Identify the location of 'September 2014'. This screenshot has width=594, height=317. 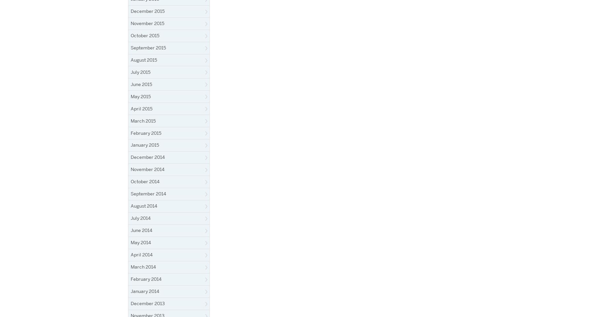
(131, 193).